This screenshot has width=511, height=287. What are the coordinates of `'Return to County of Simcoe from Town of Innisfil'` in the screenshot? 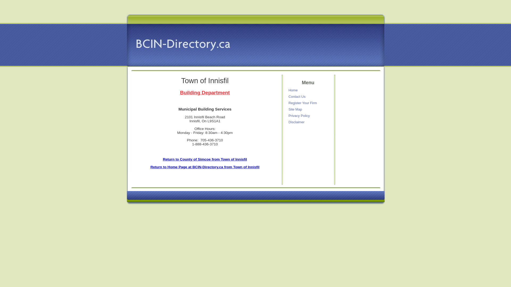 It's located at (204, 159).